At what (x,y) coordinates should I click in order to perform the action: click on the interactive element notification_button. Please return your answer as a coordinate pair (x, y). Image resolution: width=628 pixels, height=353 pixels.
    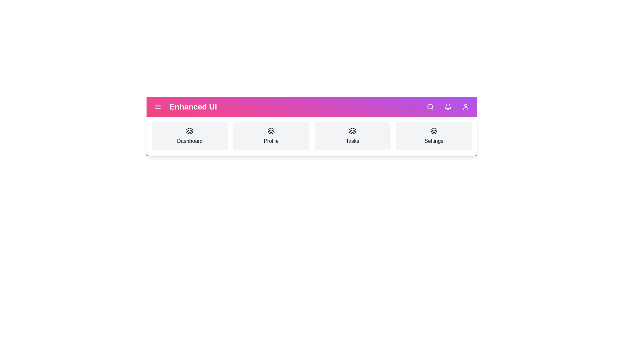
    Looking at the image, I should click on (447, 107).